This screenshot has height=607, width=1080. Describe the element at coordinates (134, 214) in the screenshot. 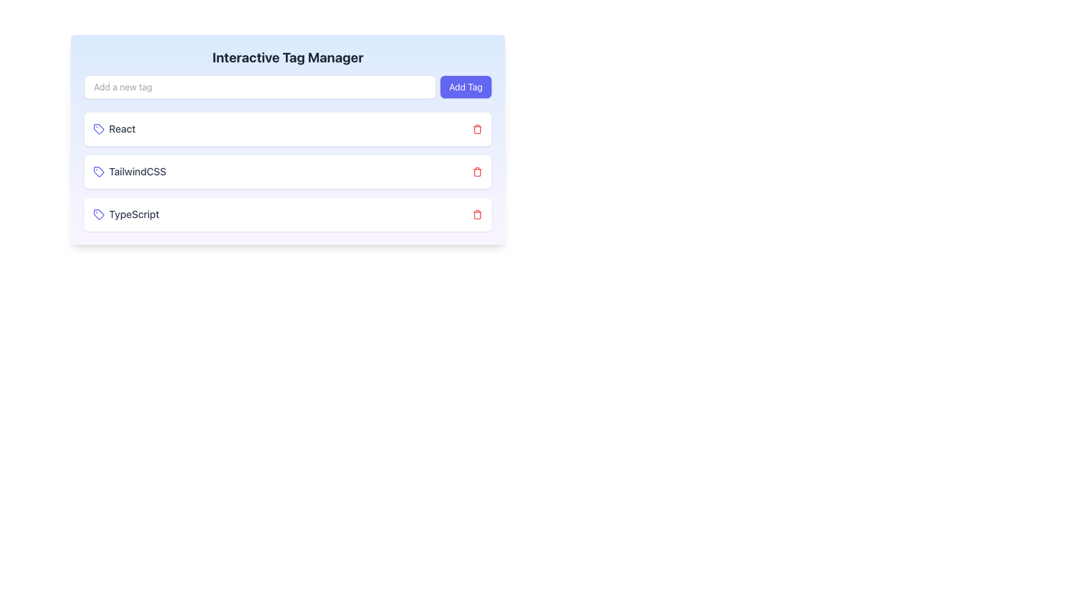

I see `the 'TypeScript' text label, which is rendered in gray, bold font, located at the bottom of the list` at that location.